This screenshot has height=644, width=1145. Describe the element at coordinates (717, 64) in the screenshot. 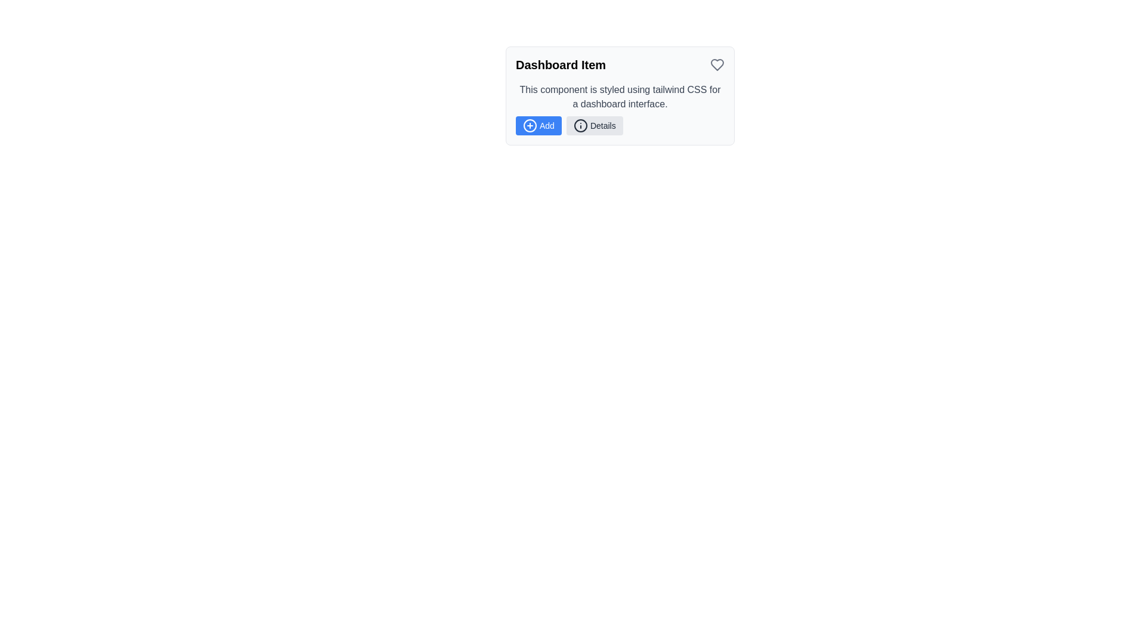

I see `the heart-shaped outline icon located in the top-right corner of the 'Dashboard Item' card component` at that location.